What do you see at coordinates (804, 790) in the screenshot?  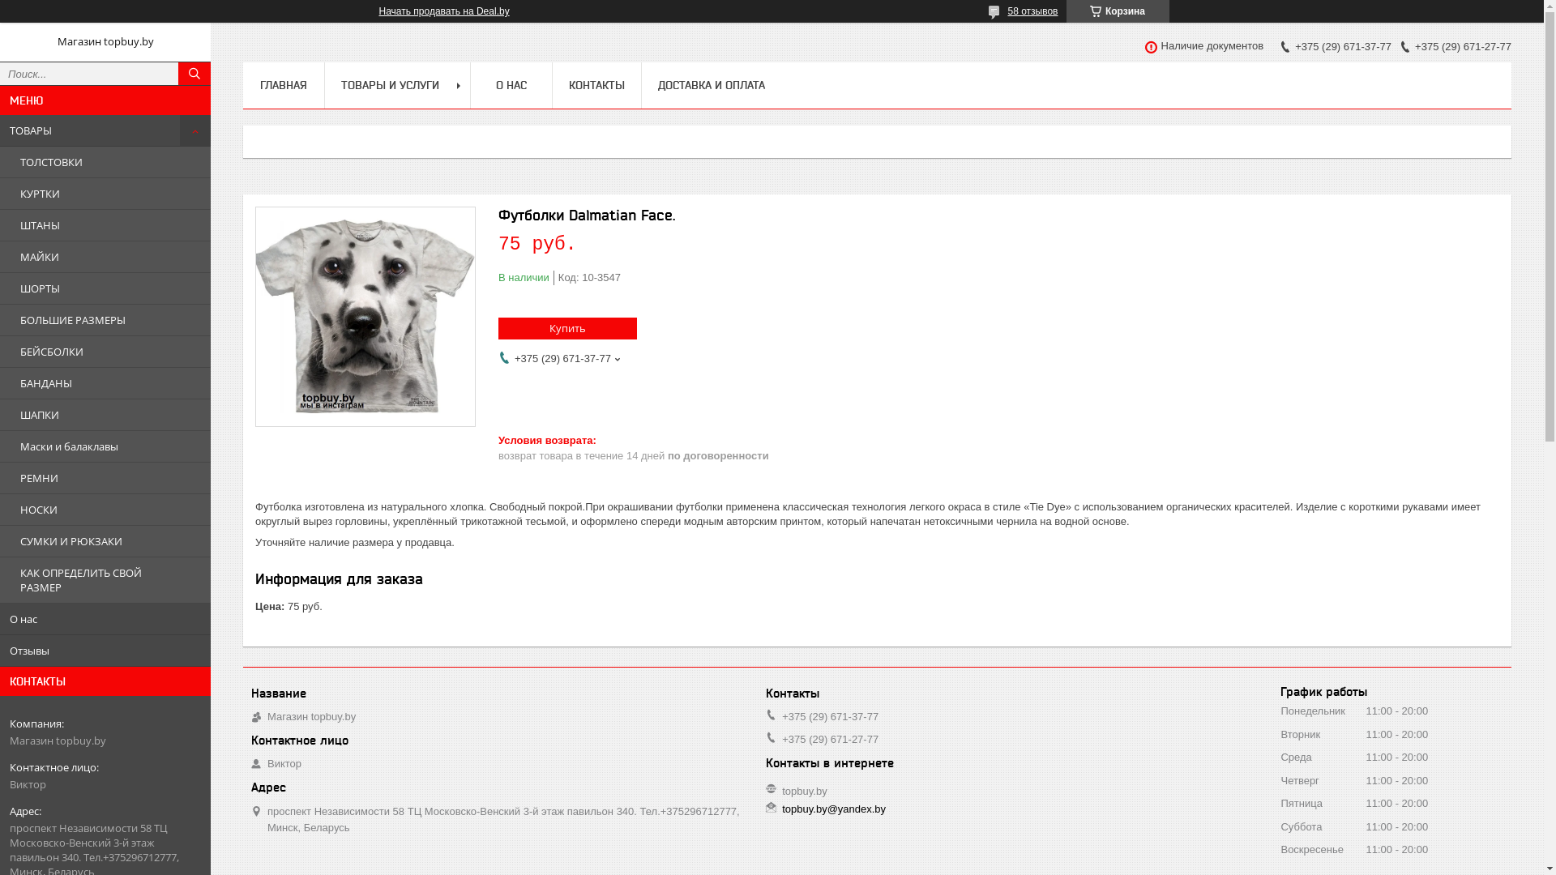 I see `'topbuy.by'` at bounding box center [804, 790].